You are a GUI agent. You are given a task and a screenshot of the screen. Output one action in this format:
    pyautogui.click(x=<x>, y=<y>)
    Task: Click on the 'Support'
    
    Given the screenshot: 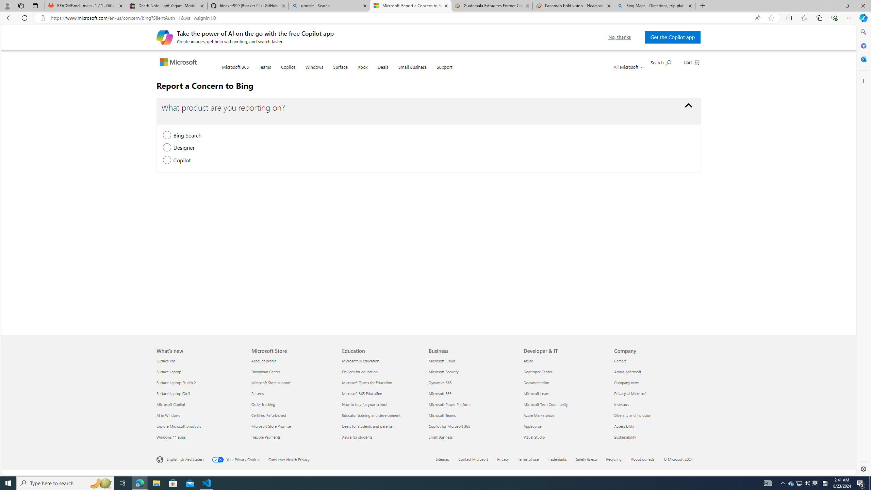 What is the action you would take?
    pyautogui.click(x=444, y=70)
    